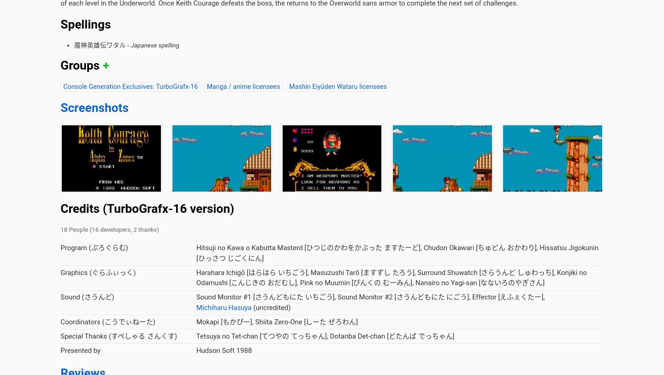 The height and width of the screenshot is (375, 664). Describe the element at coordinates (111, 67) in the screenshot. I see `'Alternate Title'` at that location.